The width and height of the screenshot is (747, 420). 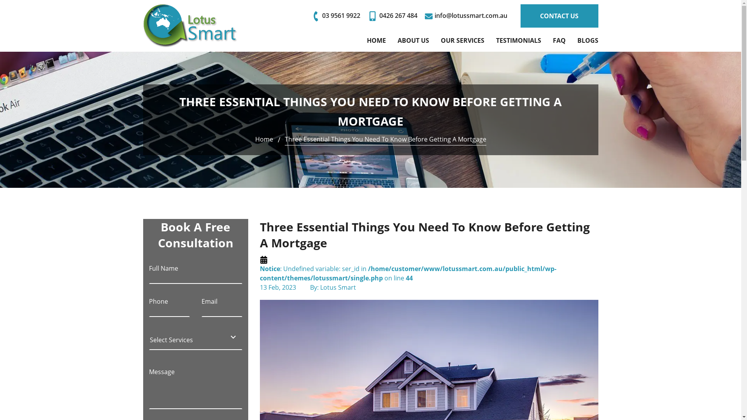 I want to click on 'FAQ', so click(x=558, y=40).